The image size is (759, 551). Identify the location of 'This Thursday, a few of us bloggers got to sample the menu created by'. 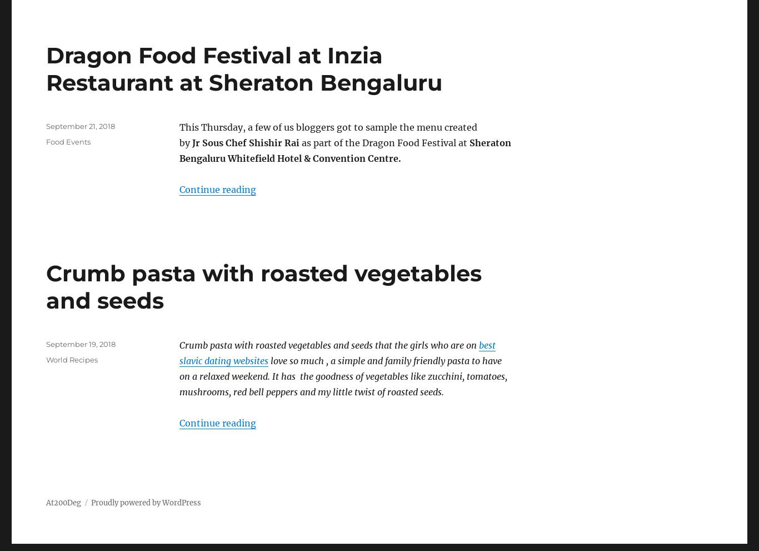
(328, 135).